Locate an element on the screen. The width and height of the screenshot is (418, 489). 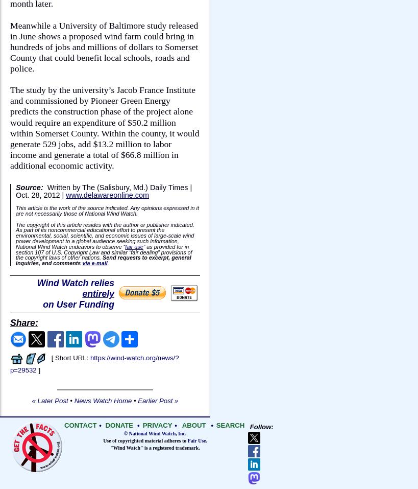
'© National Wind Watch, Inc.' is located at coordinates (155, 433).